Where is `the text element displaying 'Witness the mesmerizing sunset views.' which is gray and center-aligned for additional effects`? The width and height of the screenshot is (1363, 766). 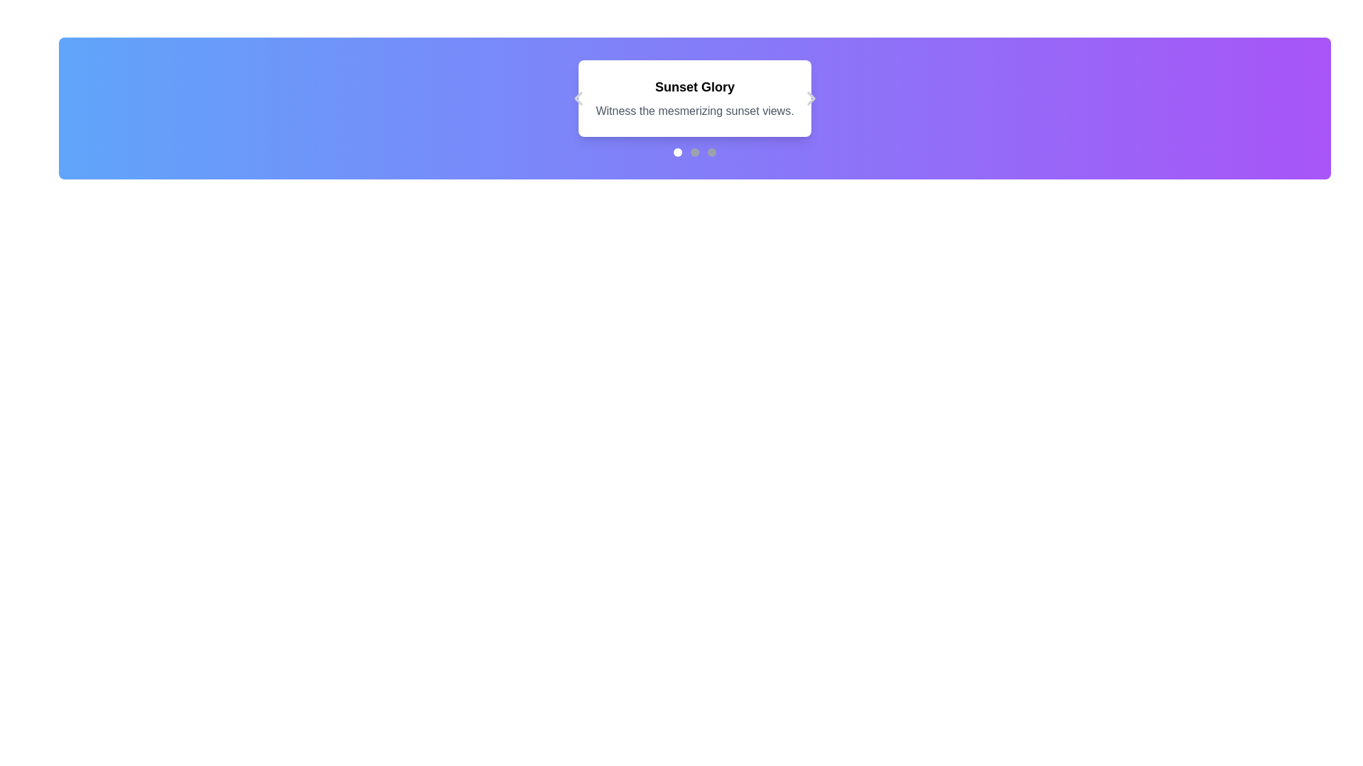
the text element displaying 'Witness the mesmerizing sunset views.' which is gray and center-aligned for additional effects is located at coordinates (695, 111).